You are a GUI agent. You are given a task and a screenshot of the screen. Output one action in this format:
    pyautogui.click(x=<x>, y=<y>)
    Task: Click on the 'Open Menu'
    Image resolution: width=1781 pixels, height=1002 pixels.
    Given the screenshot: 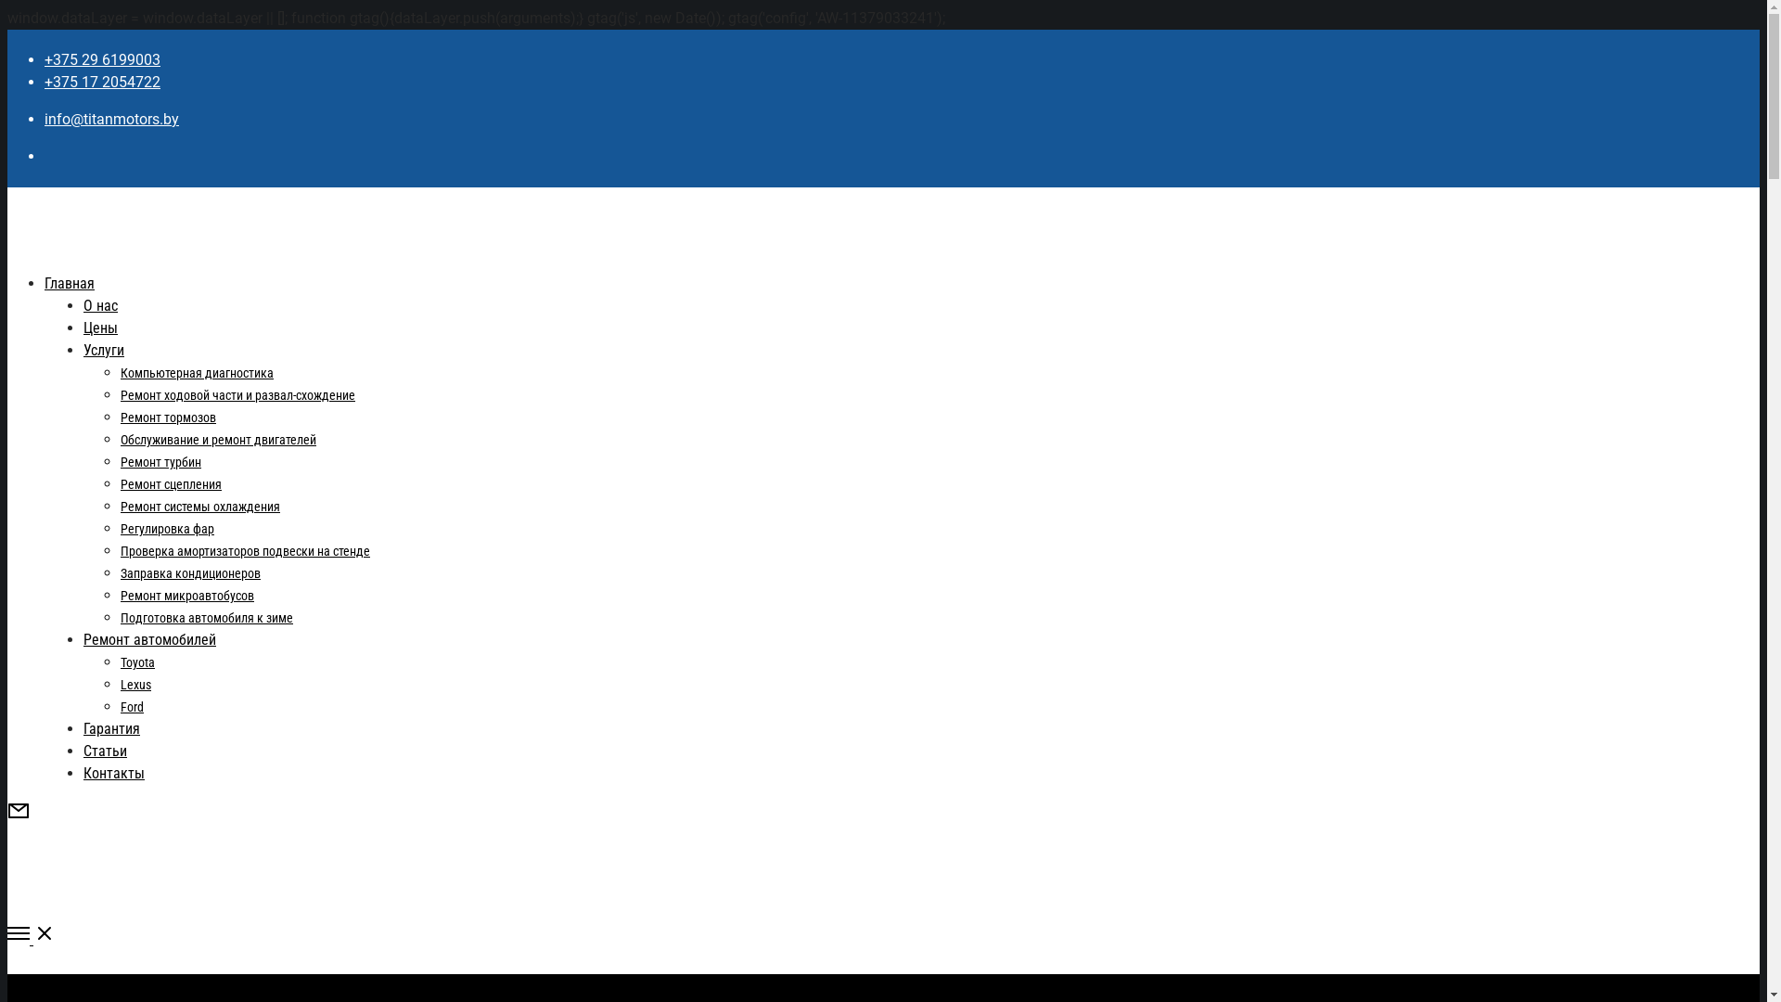 What is the action you would take?
    pyautogui.click(x=882, y=936)
    